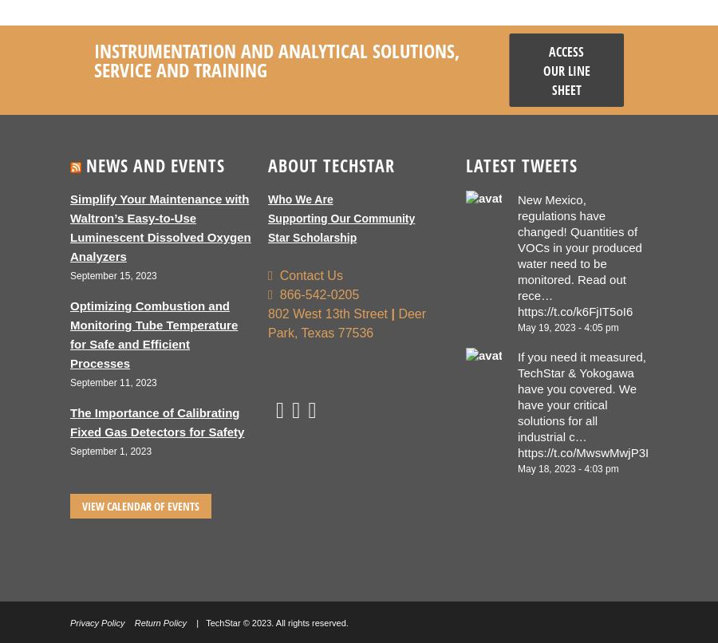 The width and height of the screenshot is (718, 643). I want to click on 'View Calendar of Events', so click(81, 505).